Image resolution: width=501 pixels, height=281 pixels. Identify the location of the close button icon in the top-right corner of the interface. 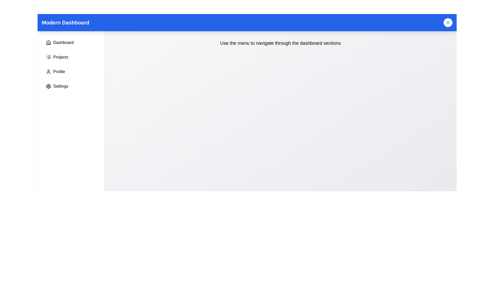
(448, 22).